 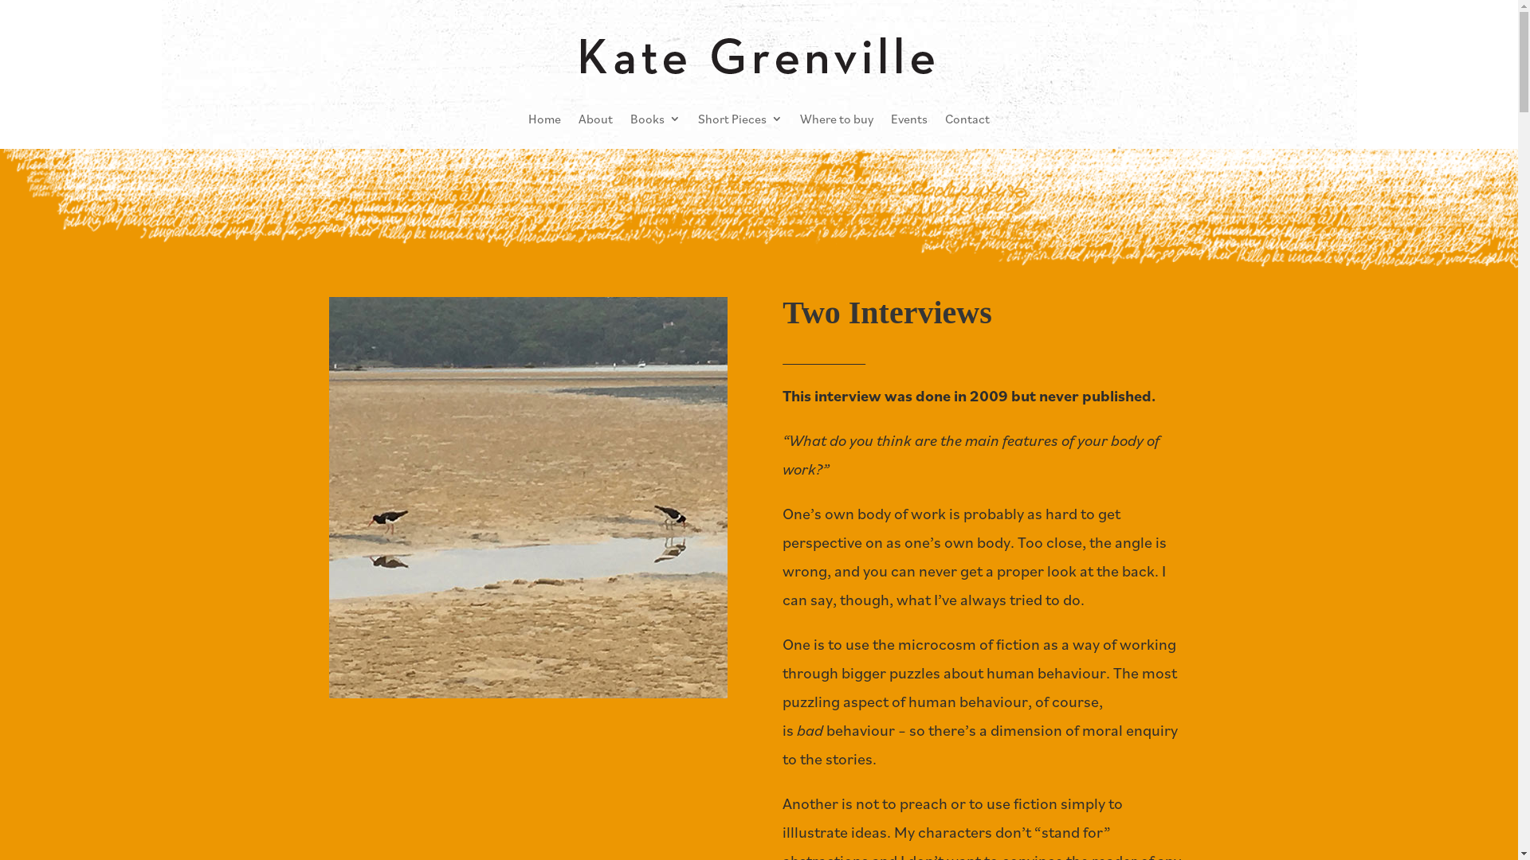 I want to click on 'Books', so click(x=655, y=118).